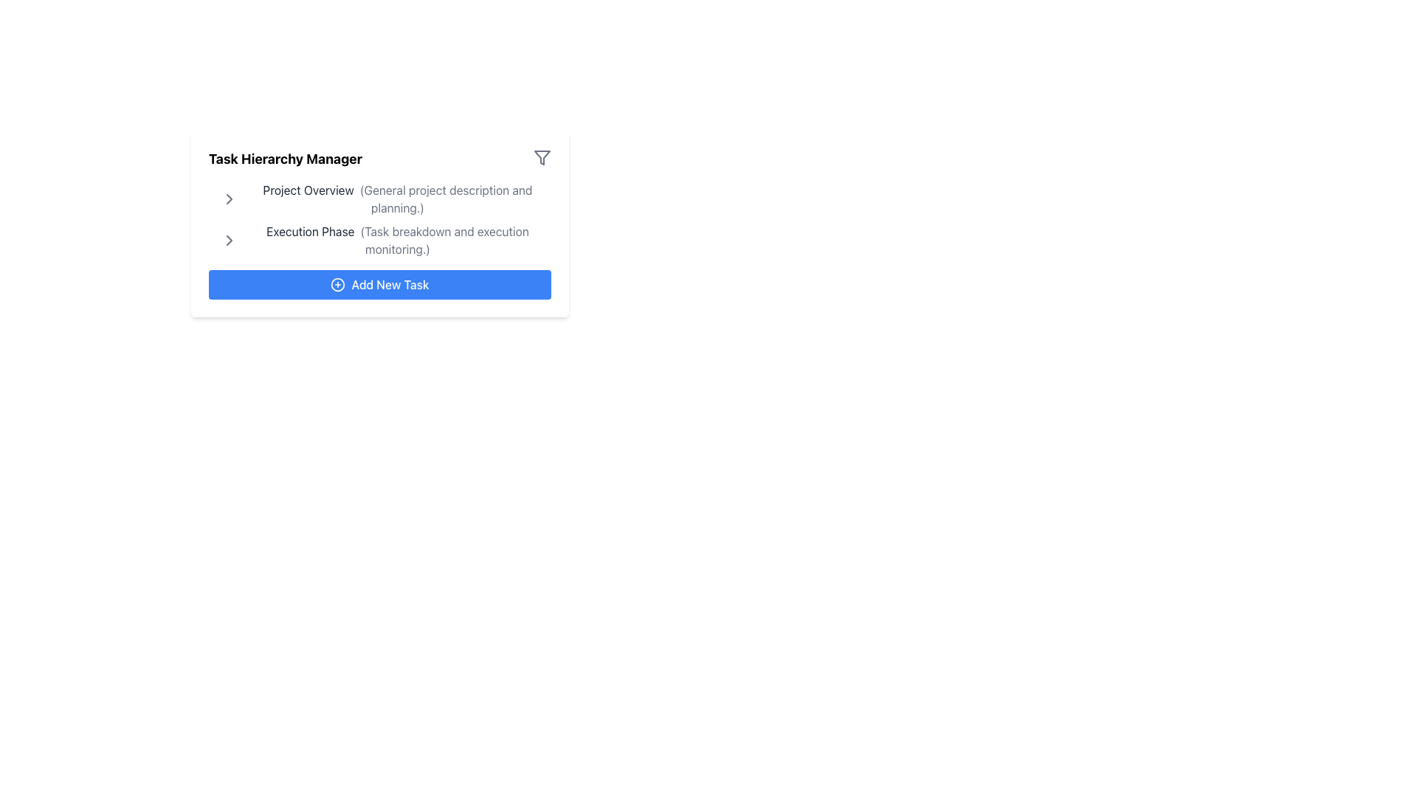  Describe the element at coordinates (541, 157) in the screenshot. I see `the filtering icon located at the far right of the 'Task Hierarchy Manager' header` at that location.